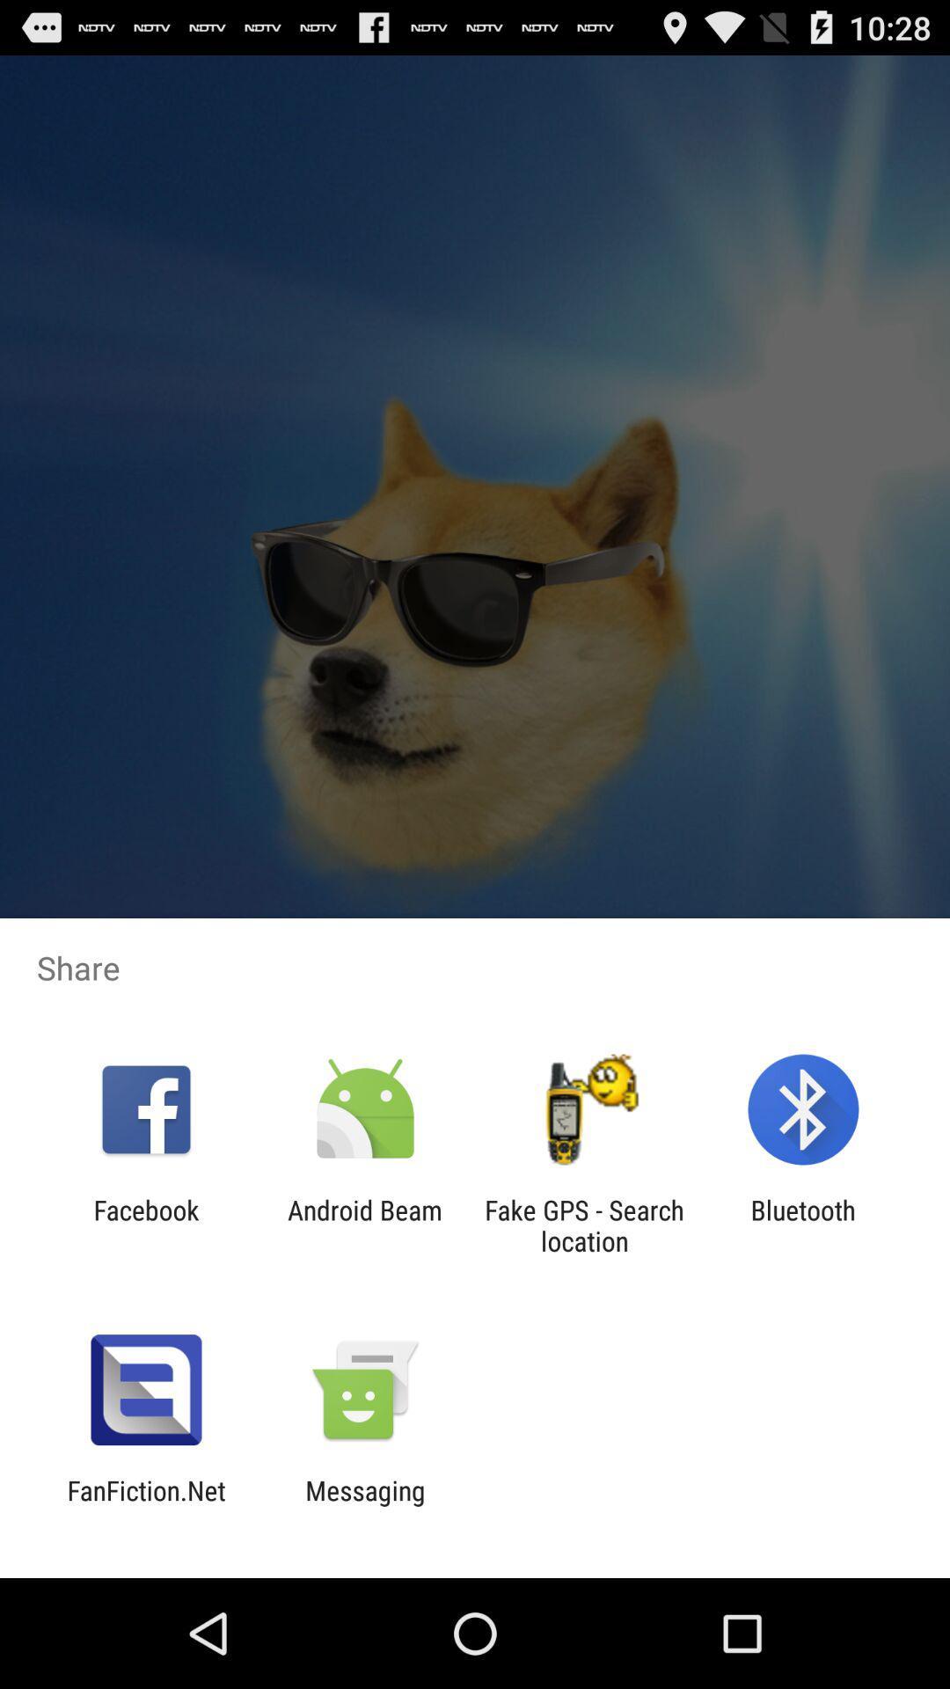 The image size is (950, 1689). Describe the element at coordinates (145, 1505) in the screenshot. I see `item to the left of the messaging app` at that location.